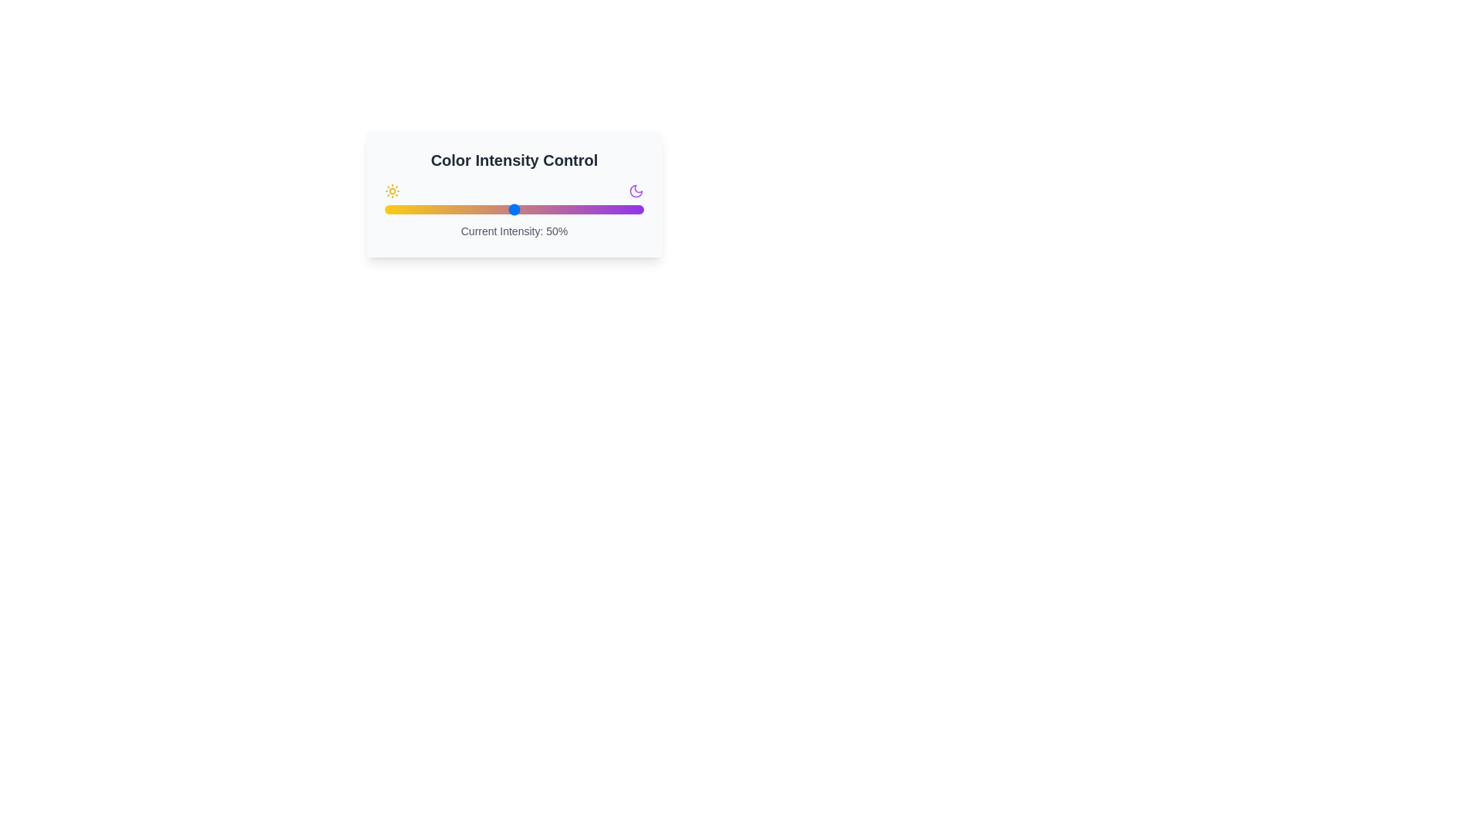 This screenshot has height=833, width=1481. Describe the element at coordinates (589, 210) in the screenshot. I see `the color intensity to 79% by adjusting the slider` at that location.